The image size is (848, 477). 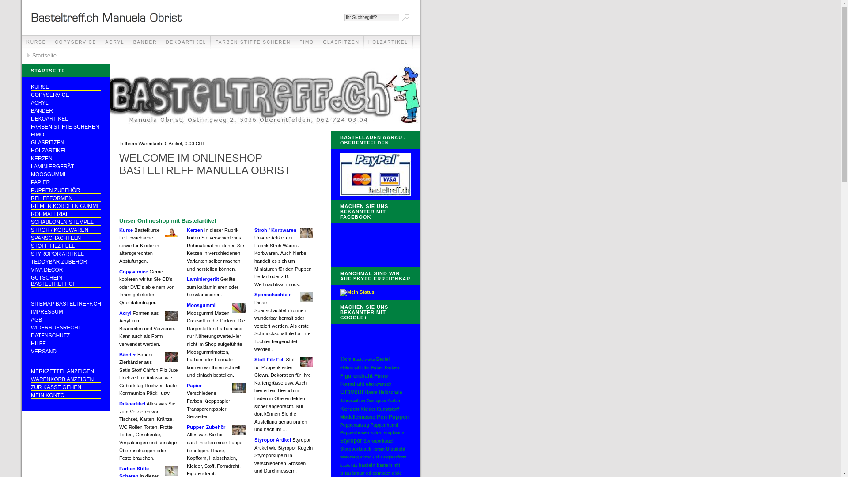 I want to click on 'Spanschachteln', so click(x=273, y=295).